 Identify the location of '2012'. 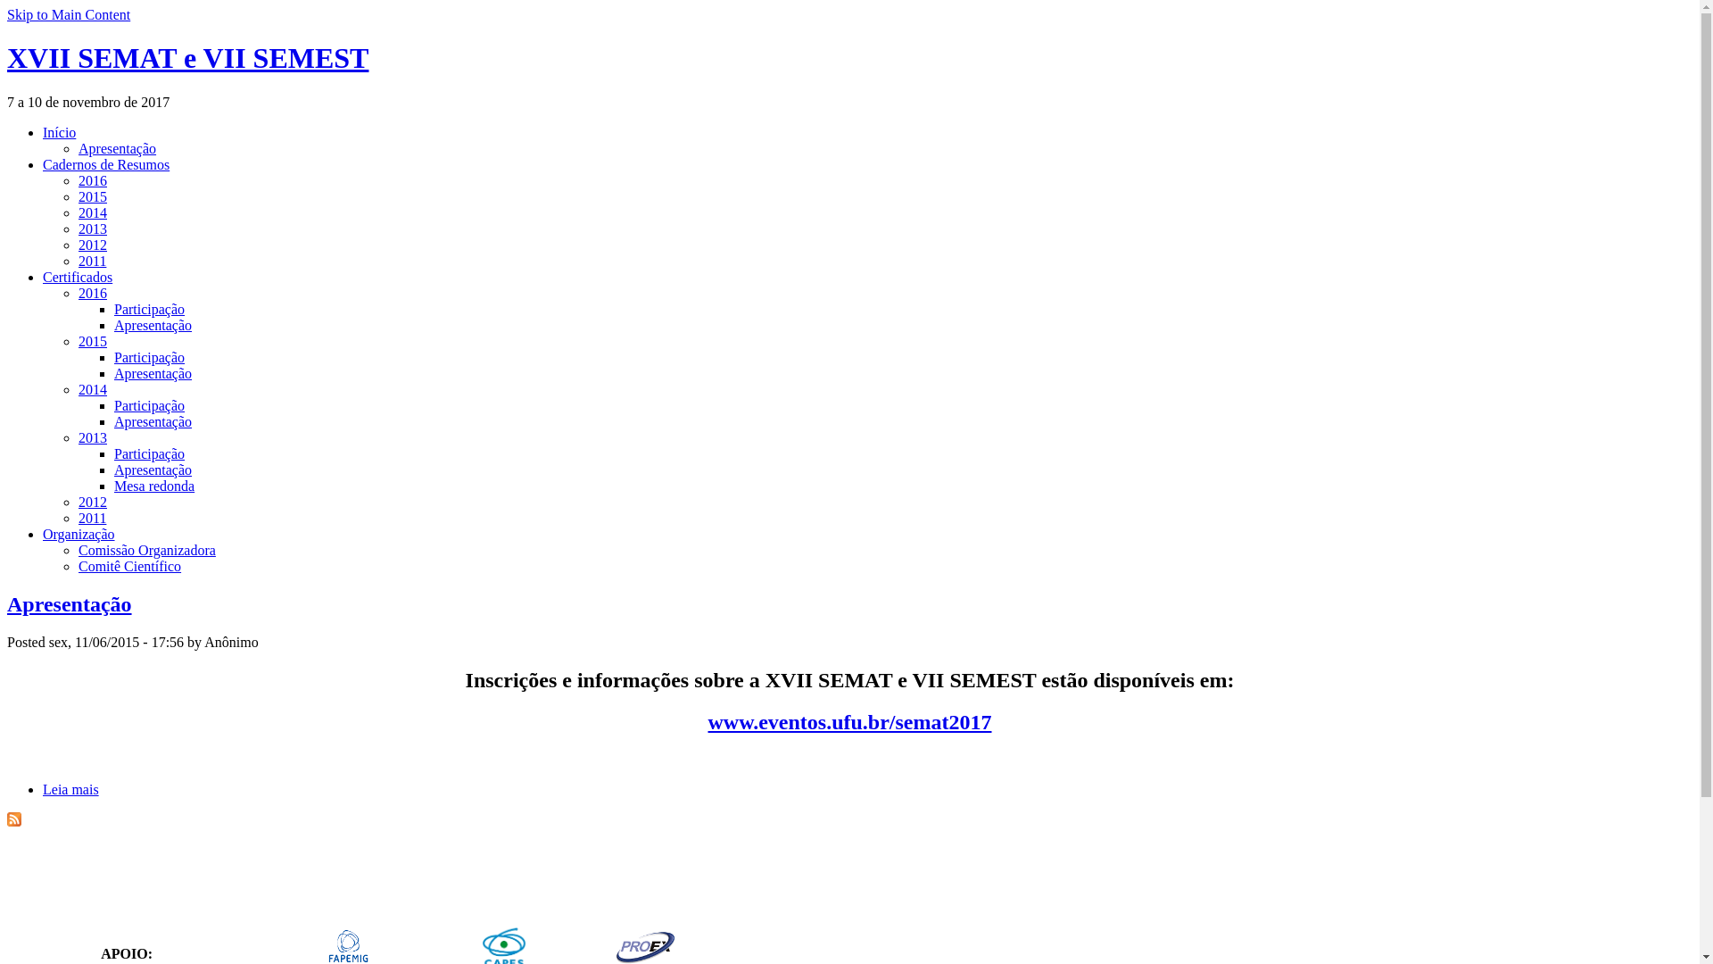
(92, 245).